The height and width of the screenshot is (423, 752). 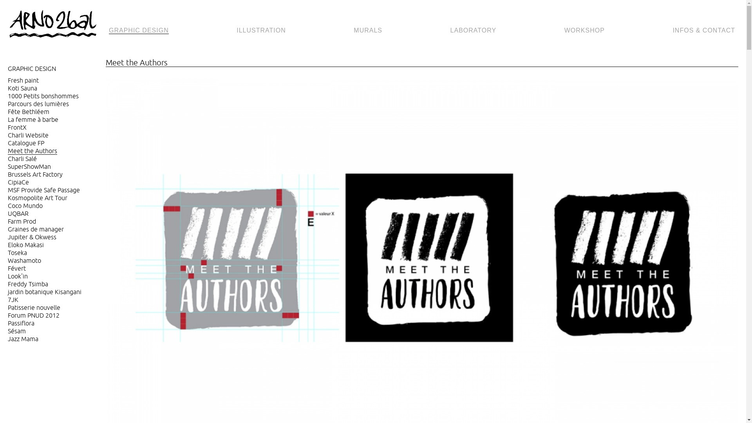 What do you see at coordinates (18, 182) in the screenshot?
I see `'CipiaCe'` at bounding box center [18, 182].